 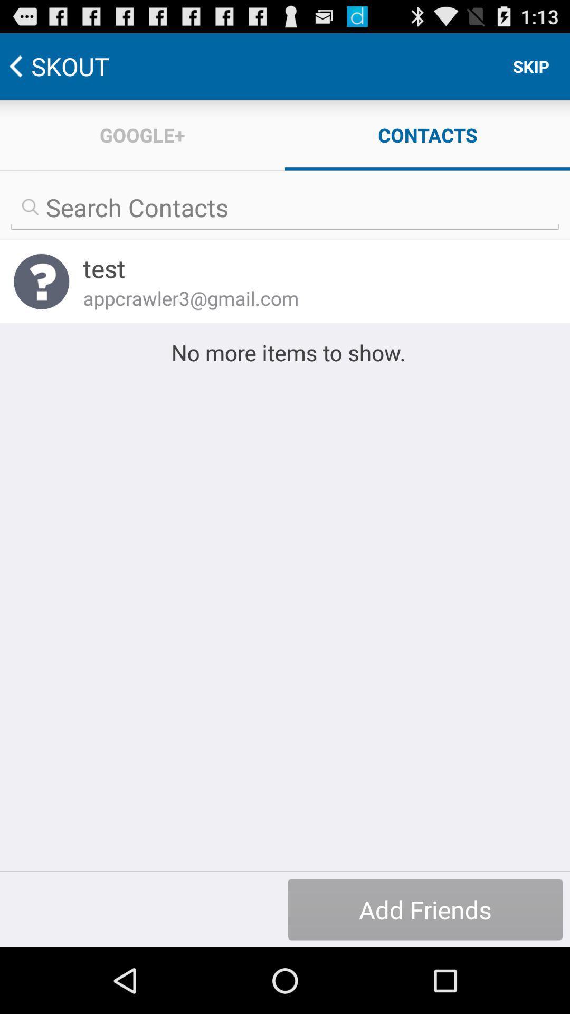 I want to click on appcrawler3@gmail.com item, so click(x=312, y=297).